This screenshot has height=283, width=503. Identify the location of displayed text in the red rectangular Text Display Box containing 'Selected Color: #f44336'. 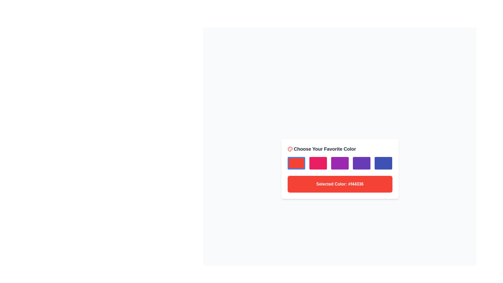
(340, 184).